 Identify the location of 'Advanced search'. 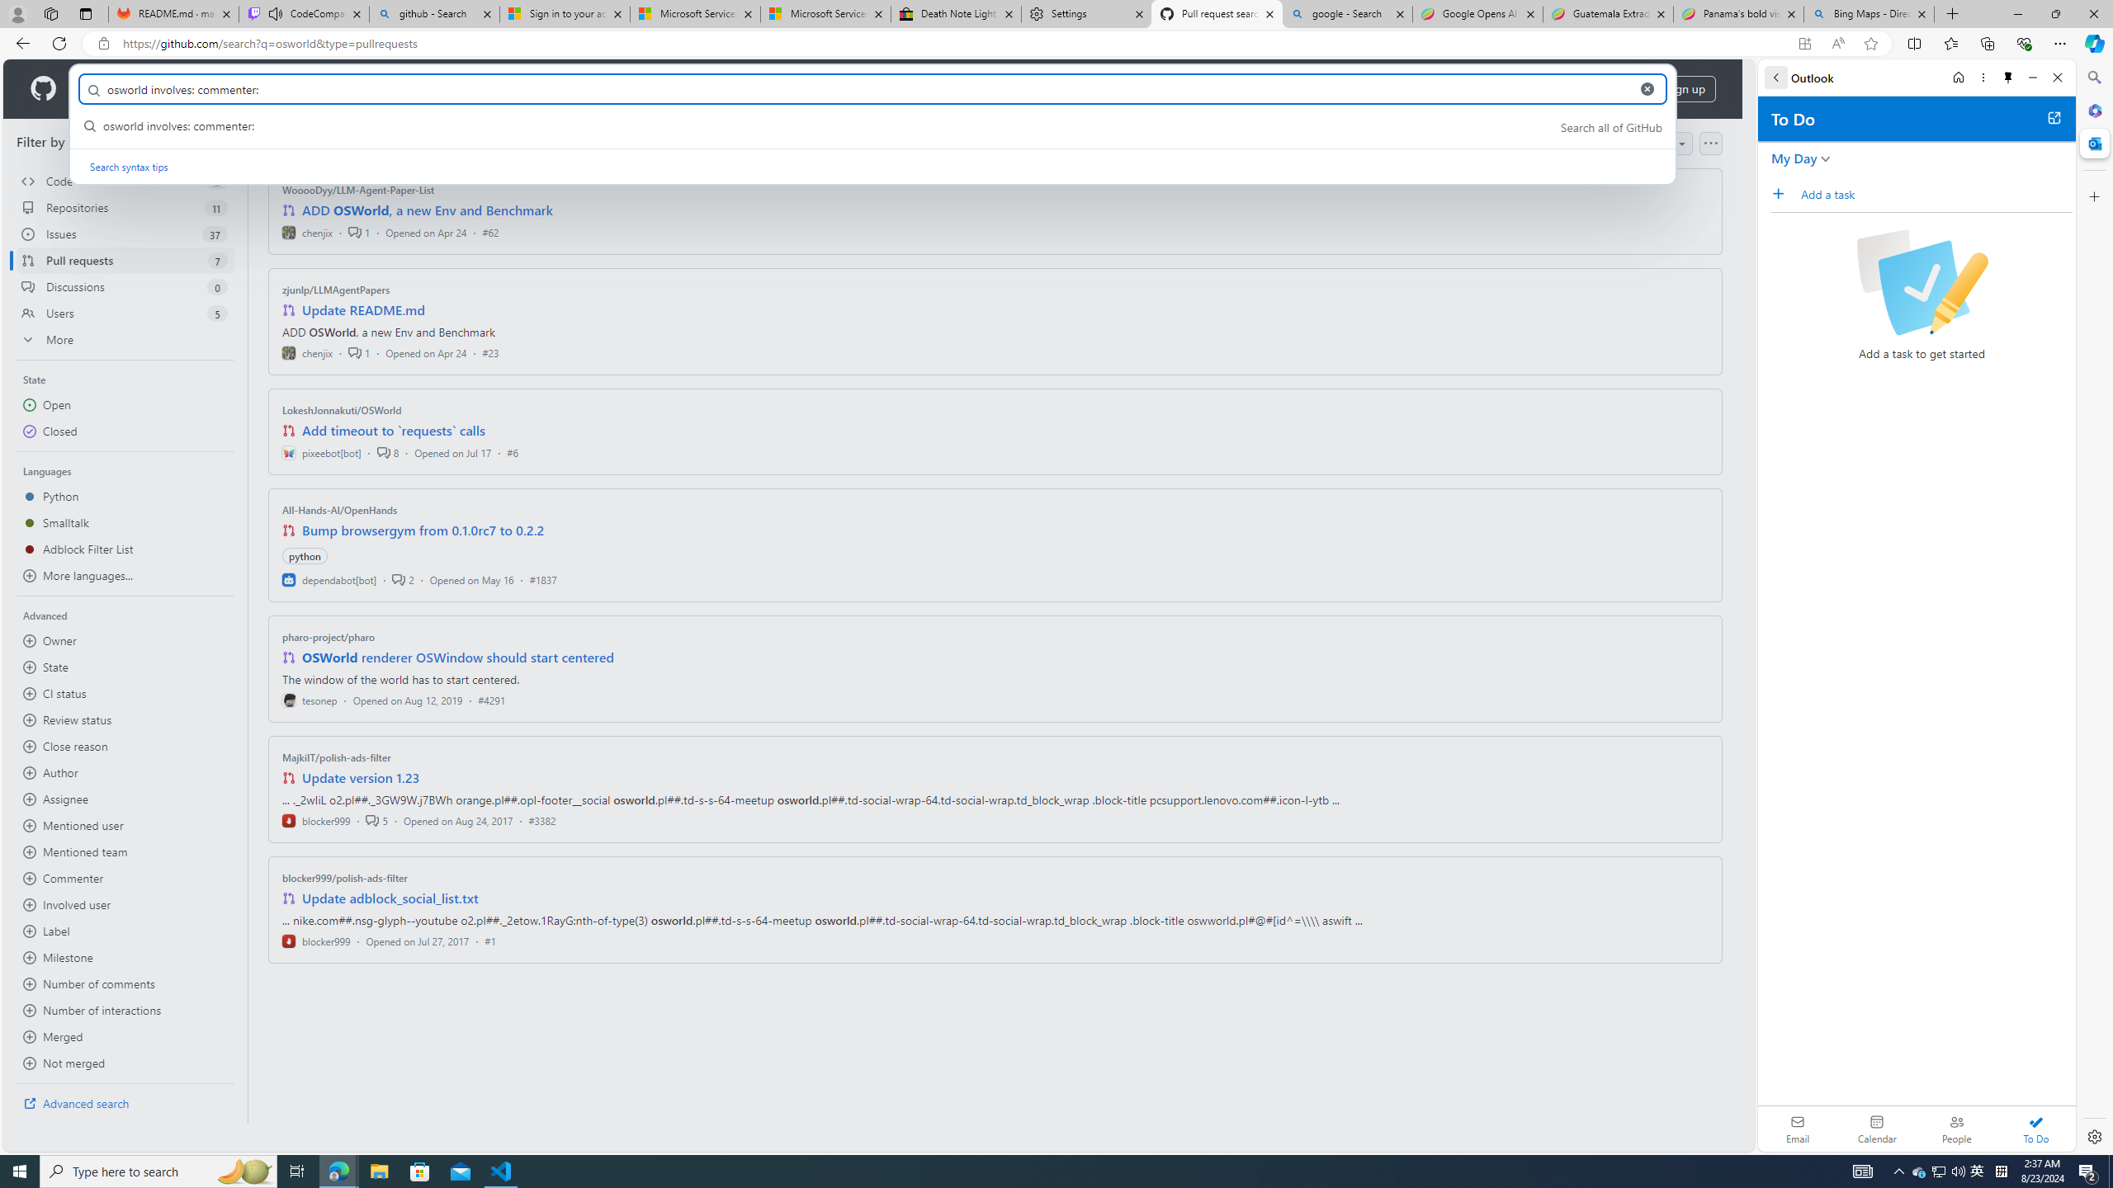
(125, 1102).